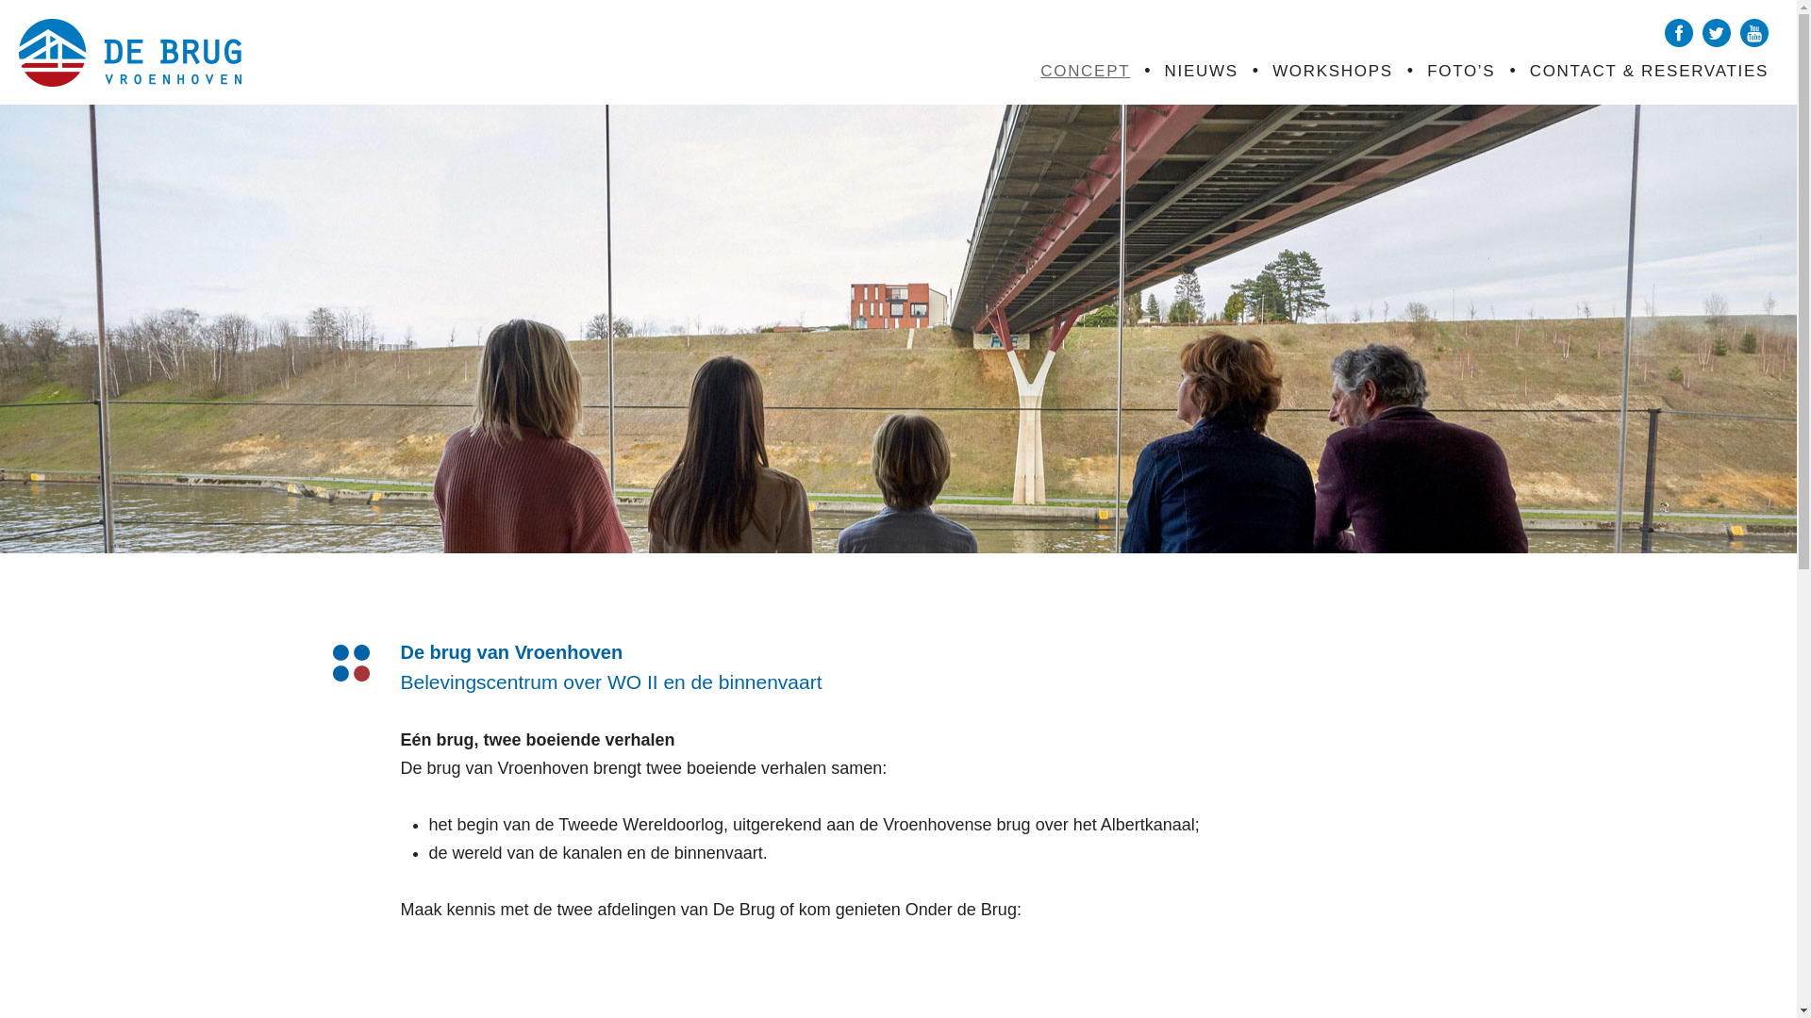 This screenshot has height=1018, width=1811. What do you see at coordinates (1753, 32) in the screenshot?
I see `'Youtube'` at bounding box center [1753, 32].